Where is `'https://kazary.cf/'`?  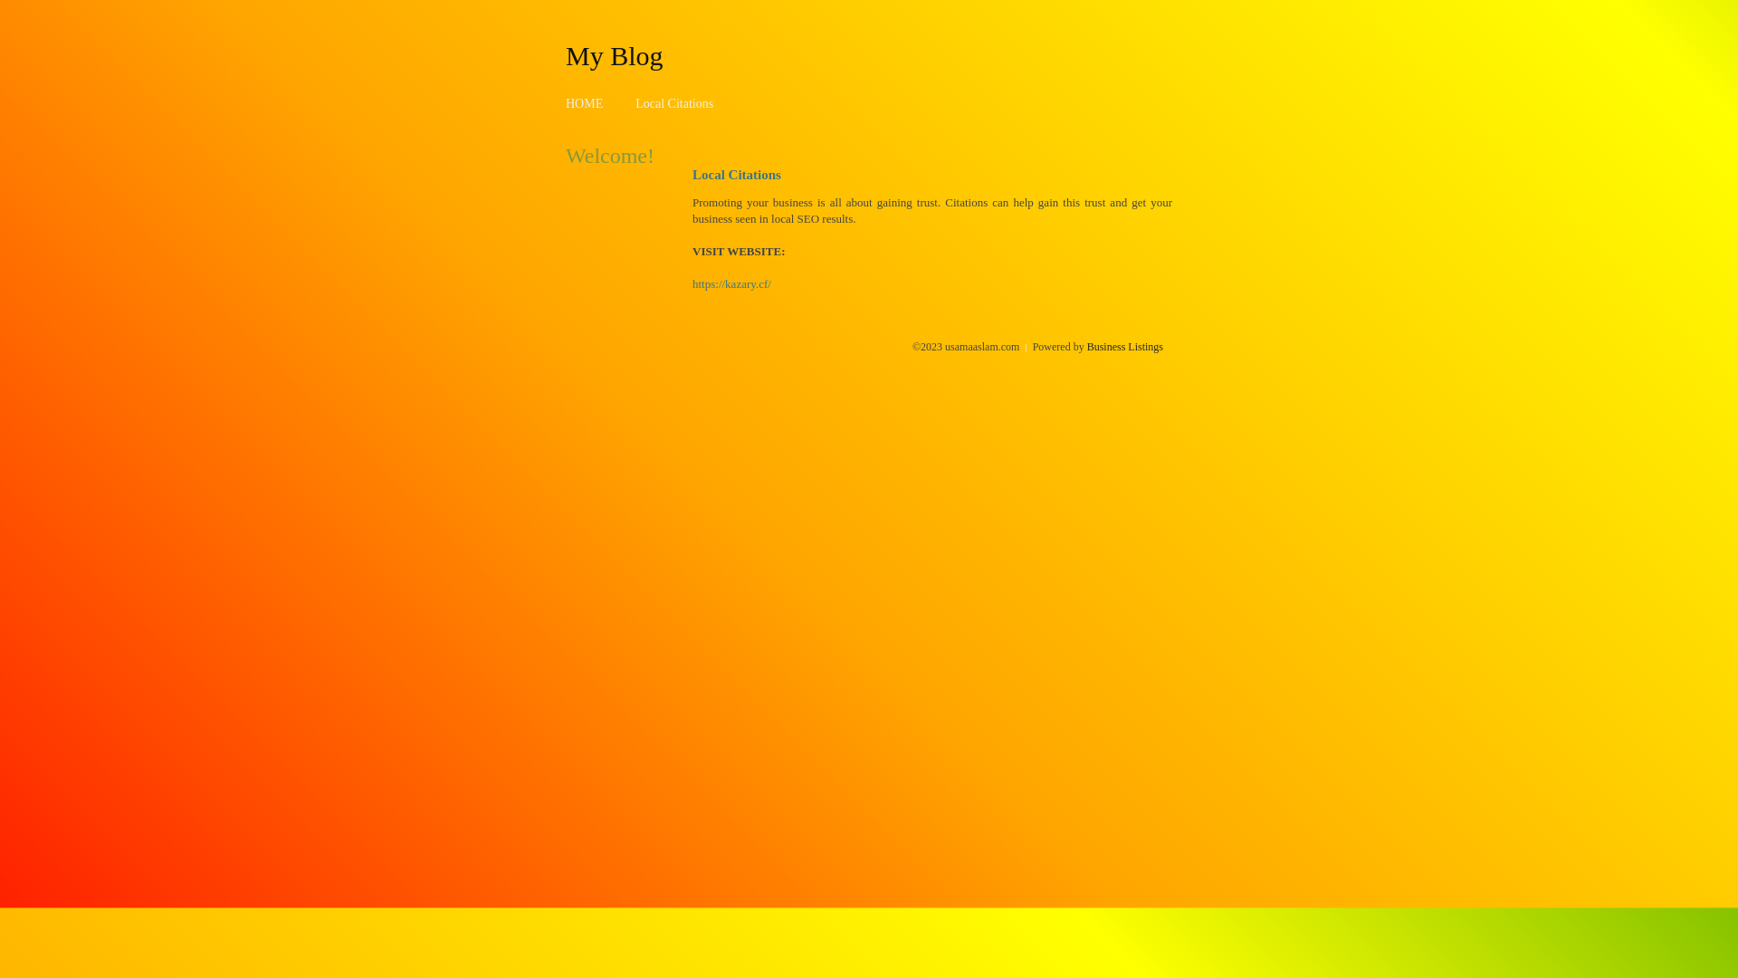 'https://kazary.cf/' is located at coordinates (731, 283).